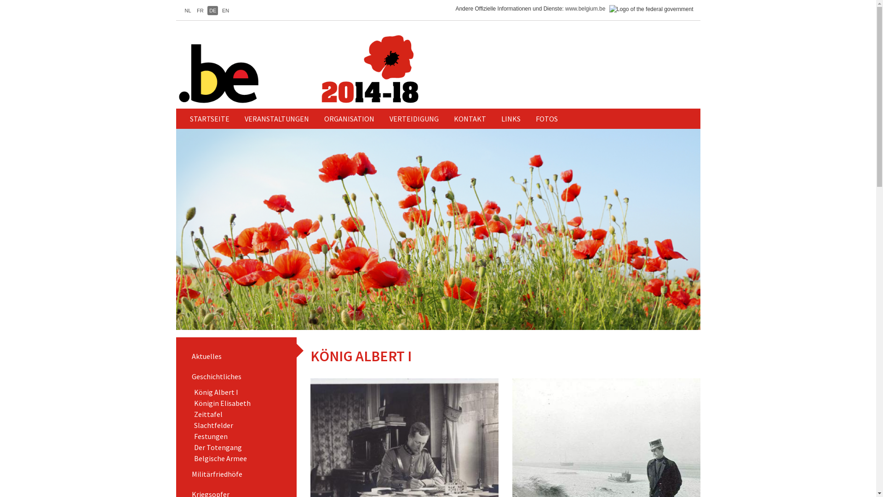 The image size is (883, 497). I want to click on 'Festungen', so click(210, 436).